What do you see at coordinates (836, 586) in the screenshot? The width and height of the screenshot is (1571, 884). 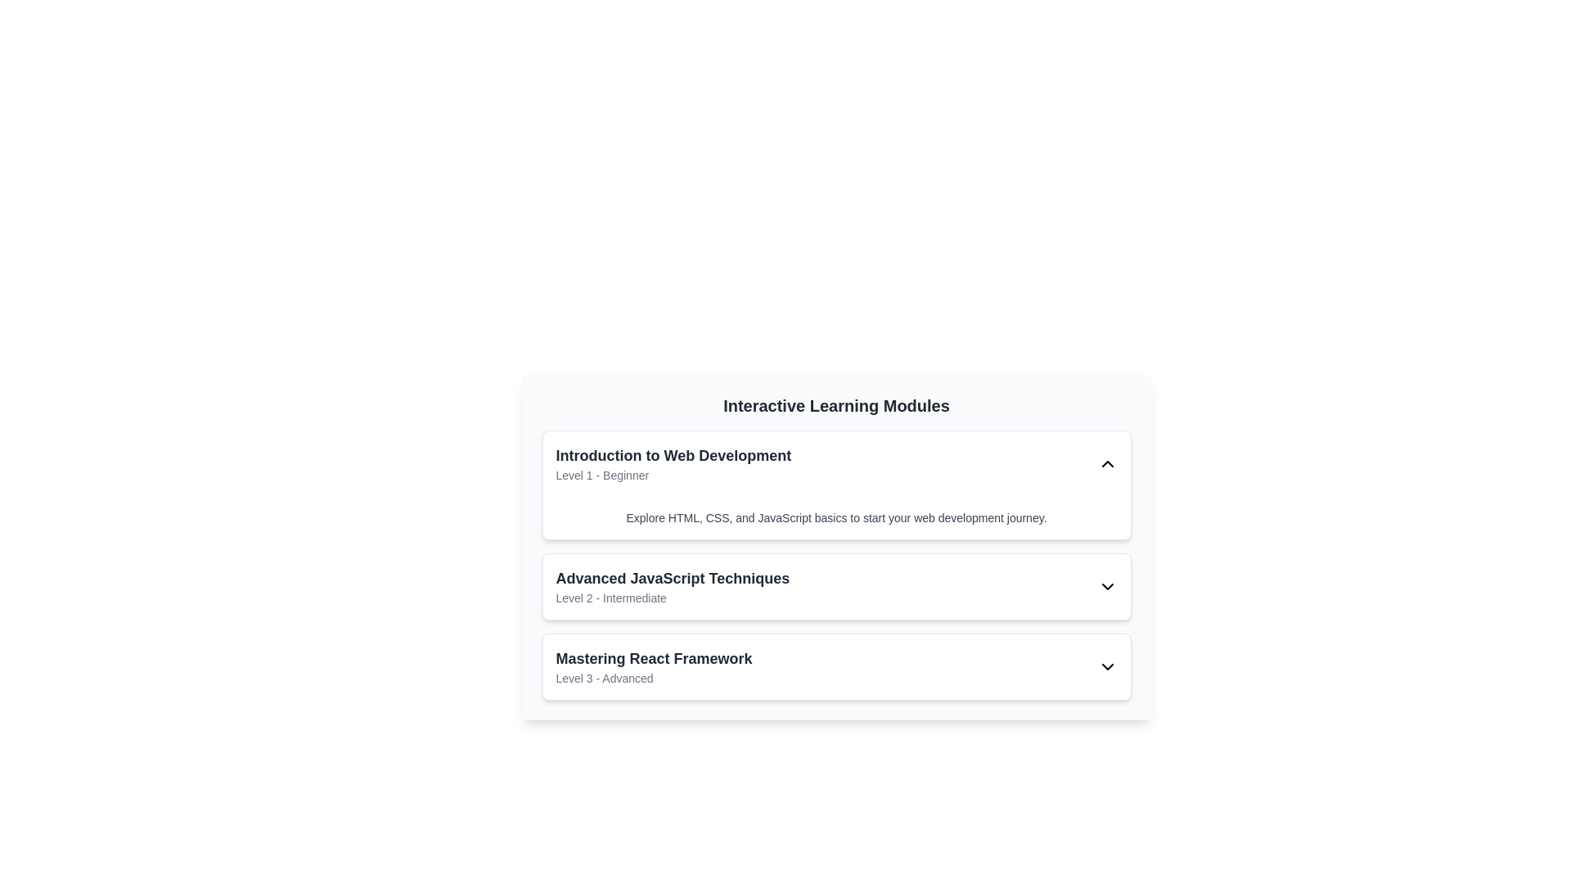 I see `the collapsible list item labeled 'Advanced JavaScript Techniques'` at bounding box center [836, 586].